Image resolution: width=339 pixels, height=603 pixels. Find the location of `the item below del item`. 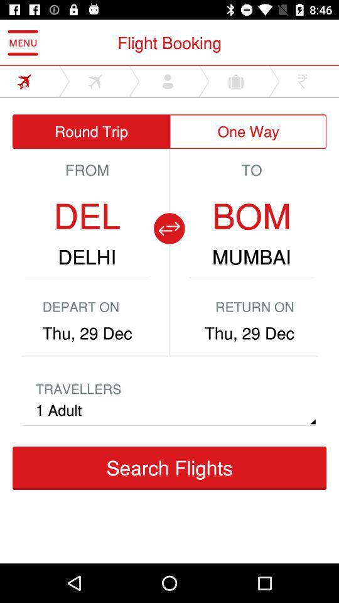

the item below del item is located at coordinates (86, 256).